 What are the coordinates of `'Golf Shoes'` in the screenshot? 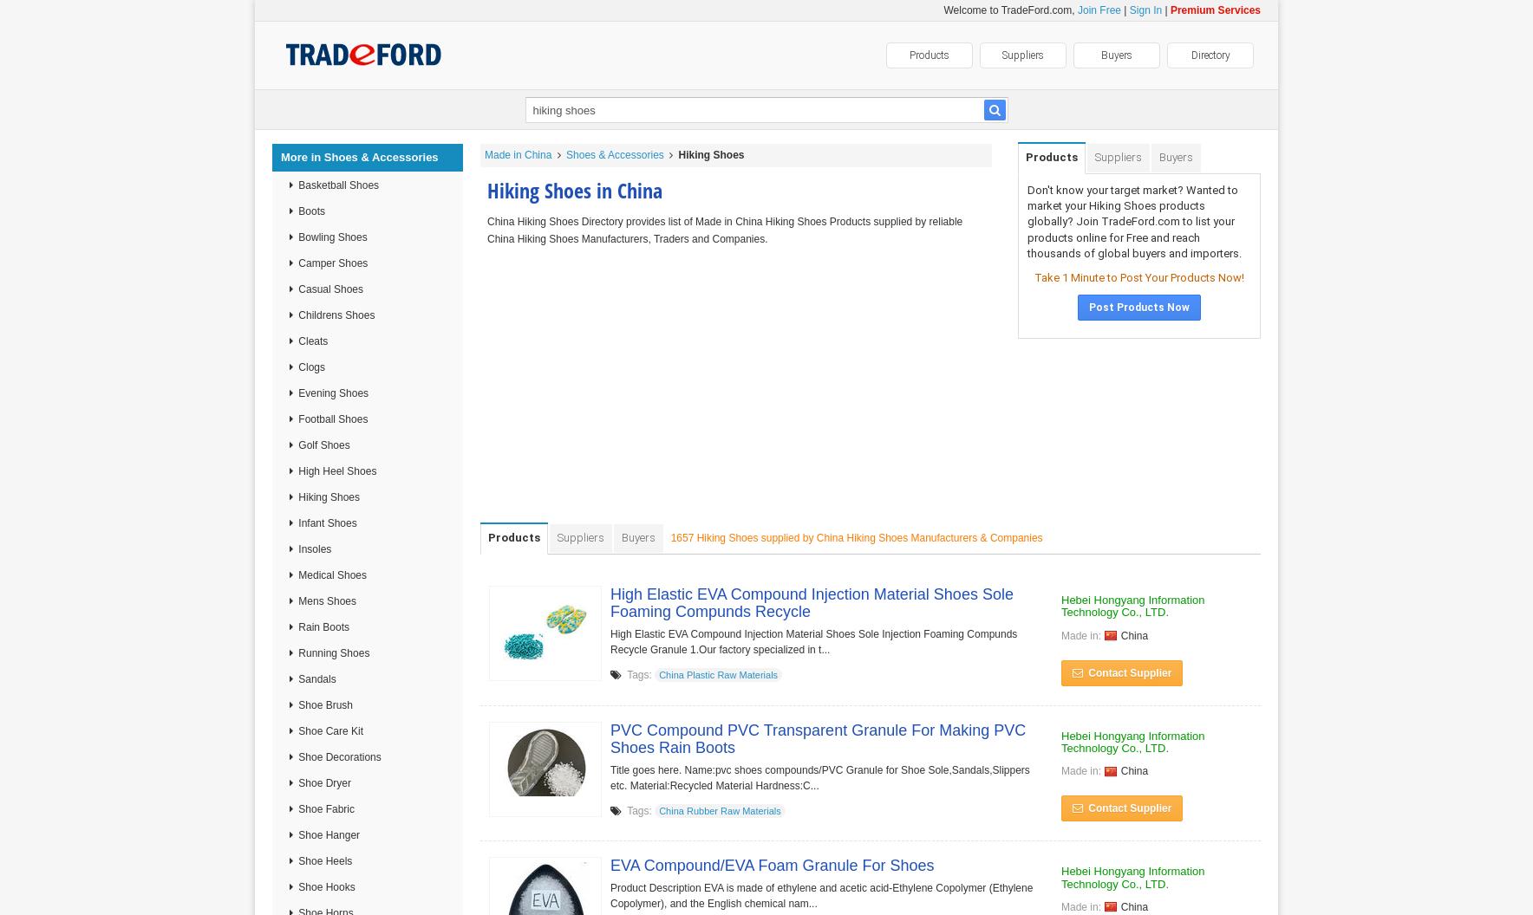 It's located at (322, 444).